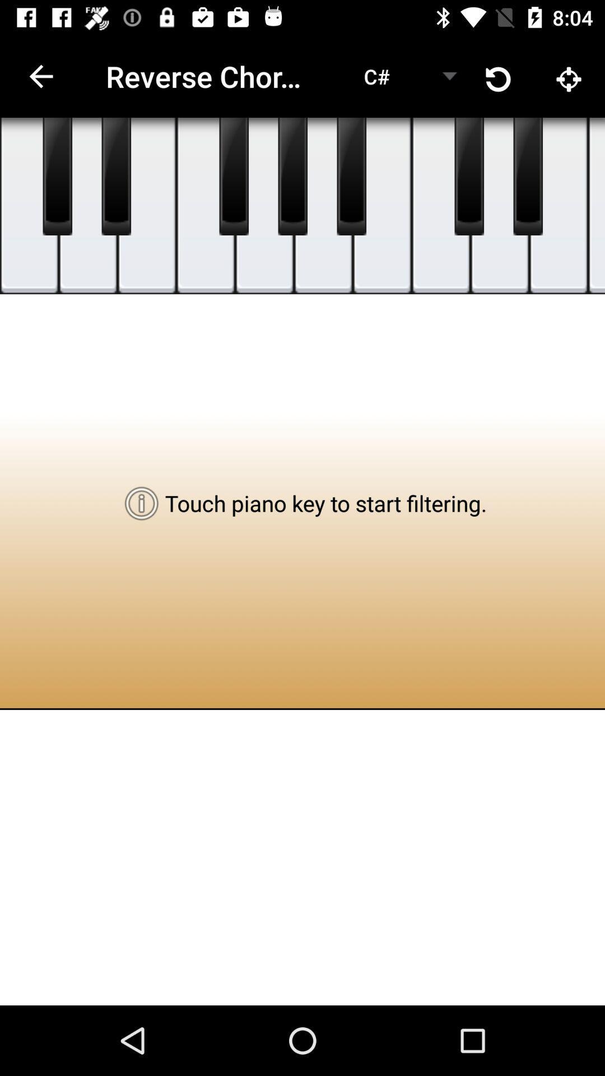 The image size is (605, 1076). Describe the element at coordinates (57, 176) in the screenshot. I see `piano play button` at that location.